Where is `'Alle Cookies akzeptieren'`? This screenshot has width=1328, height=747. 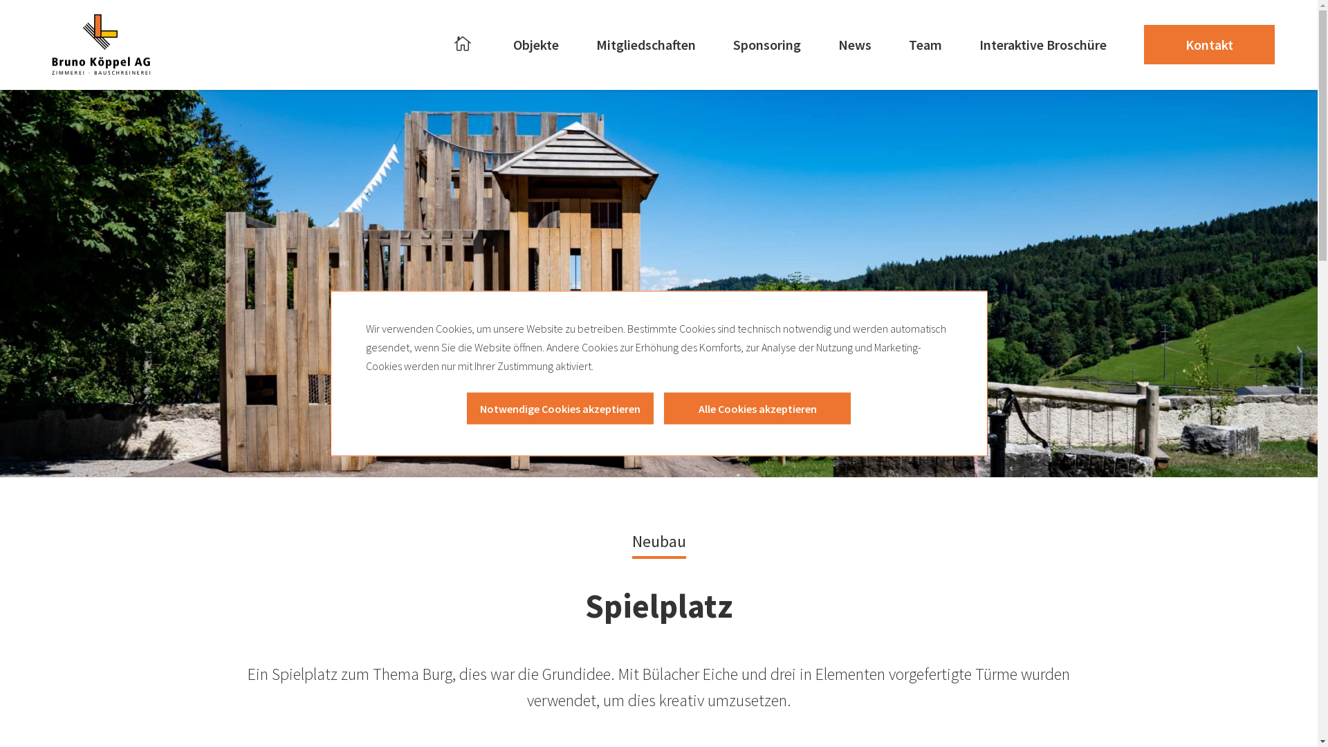
'Alle Cookies akzeptieren' is located at coordinates (756, 407).